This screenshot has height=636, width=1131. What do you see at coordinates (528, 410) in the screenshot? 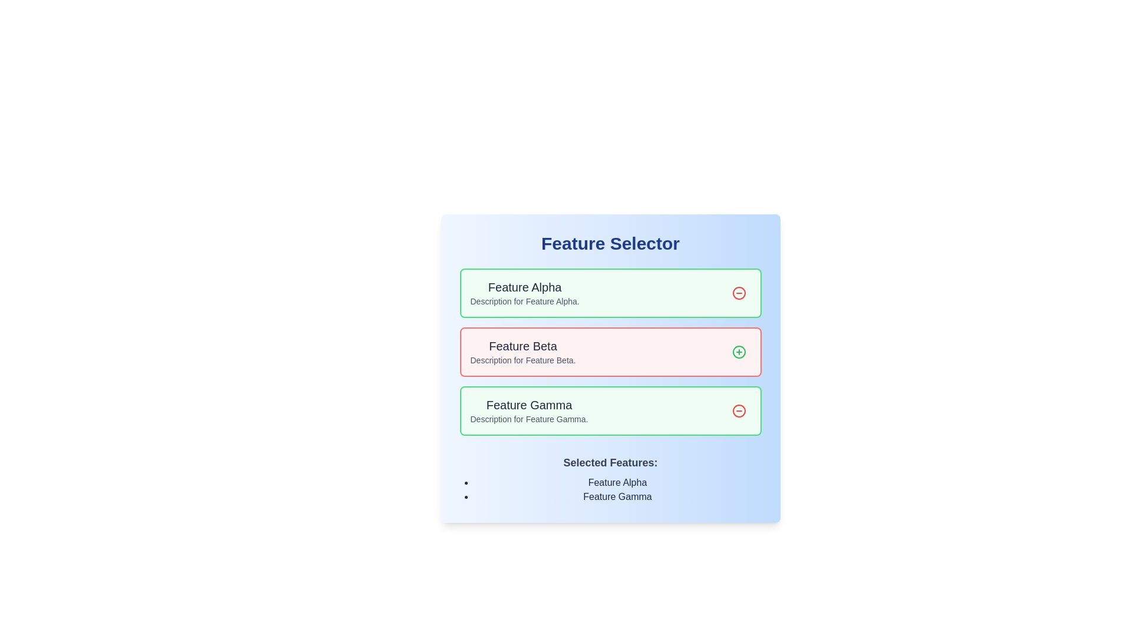
I see `text content of the Text Content Block displaying information about 'Feature Gamma', which is the bottommost entry in a vertically aligned list` at bounding box center [528, 410].